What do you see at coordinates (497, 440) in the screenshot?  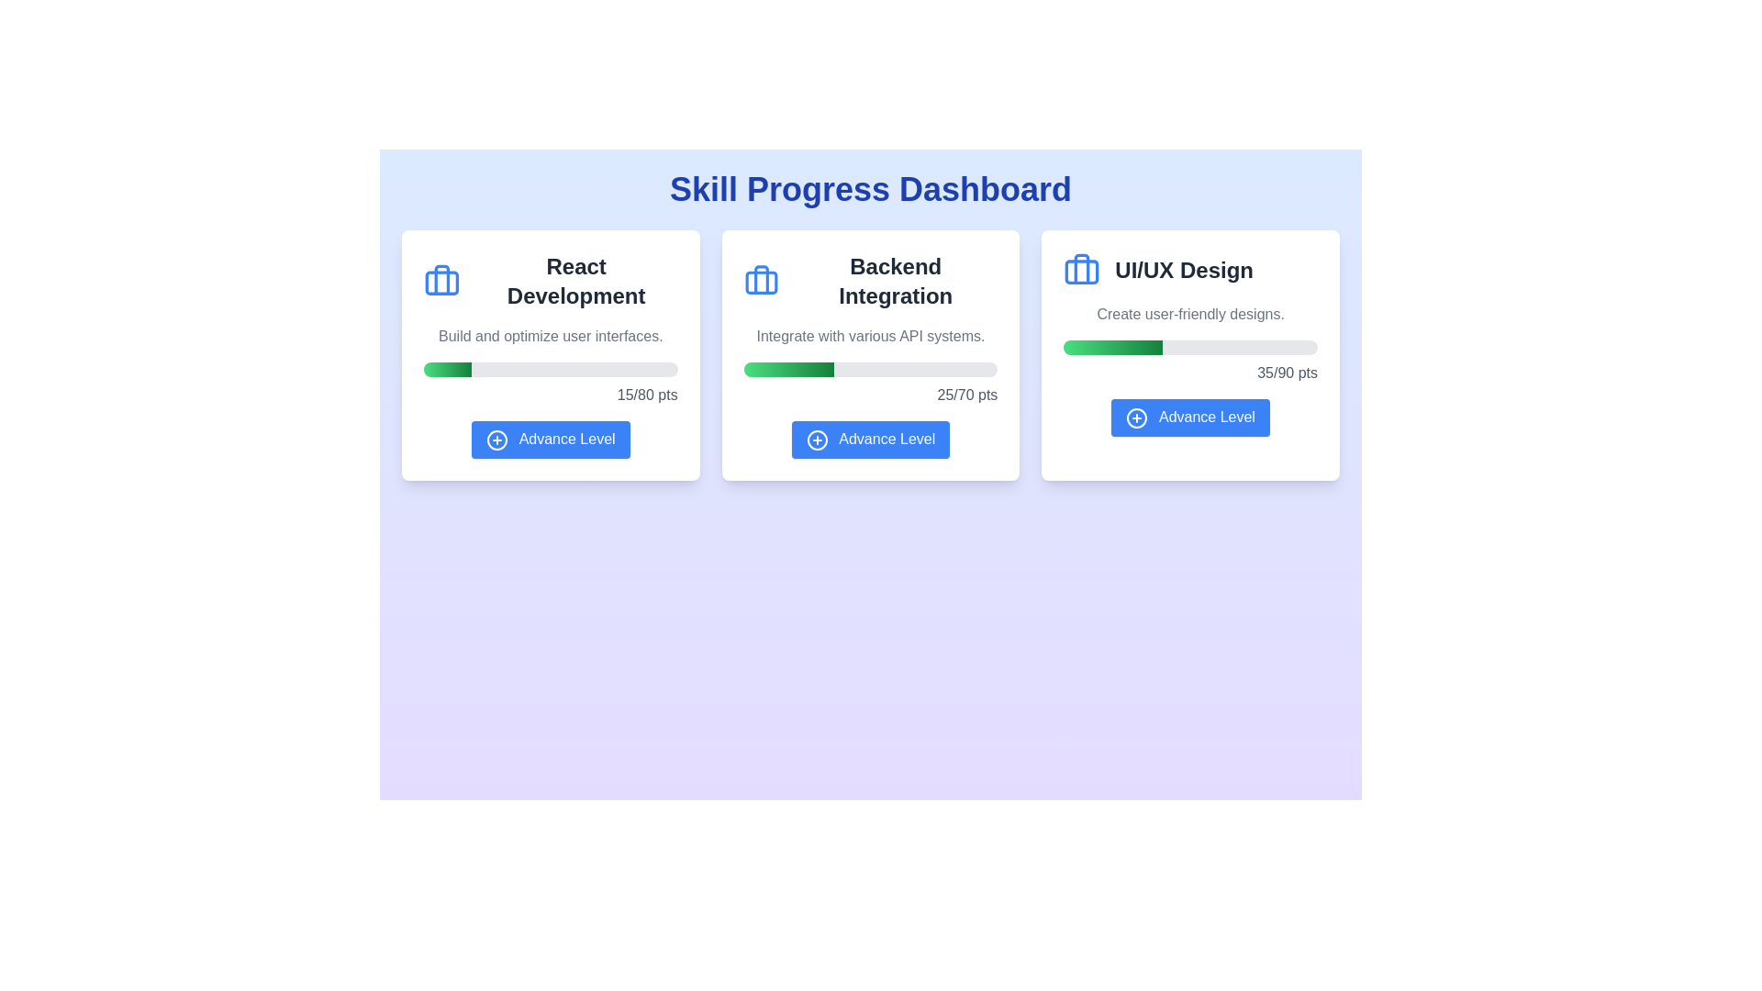 I see `the circular icon with a plus sign located to the left of the text in the 'Advance Level' button on the 'React Development' card` at bounding box center [497, 440].